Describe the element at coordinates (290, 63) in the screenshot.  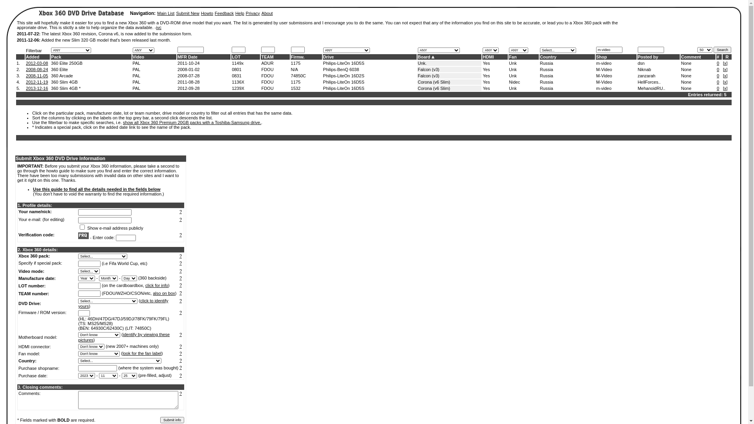
I see `'1175'` at that location.